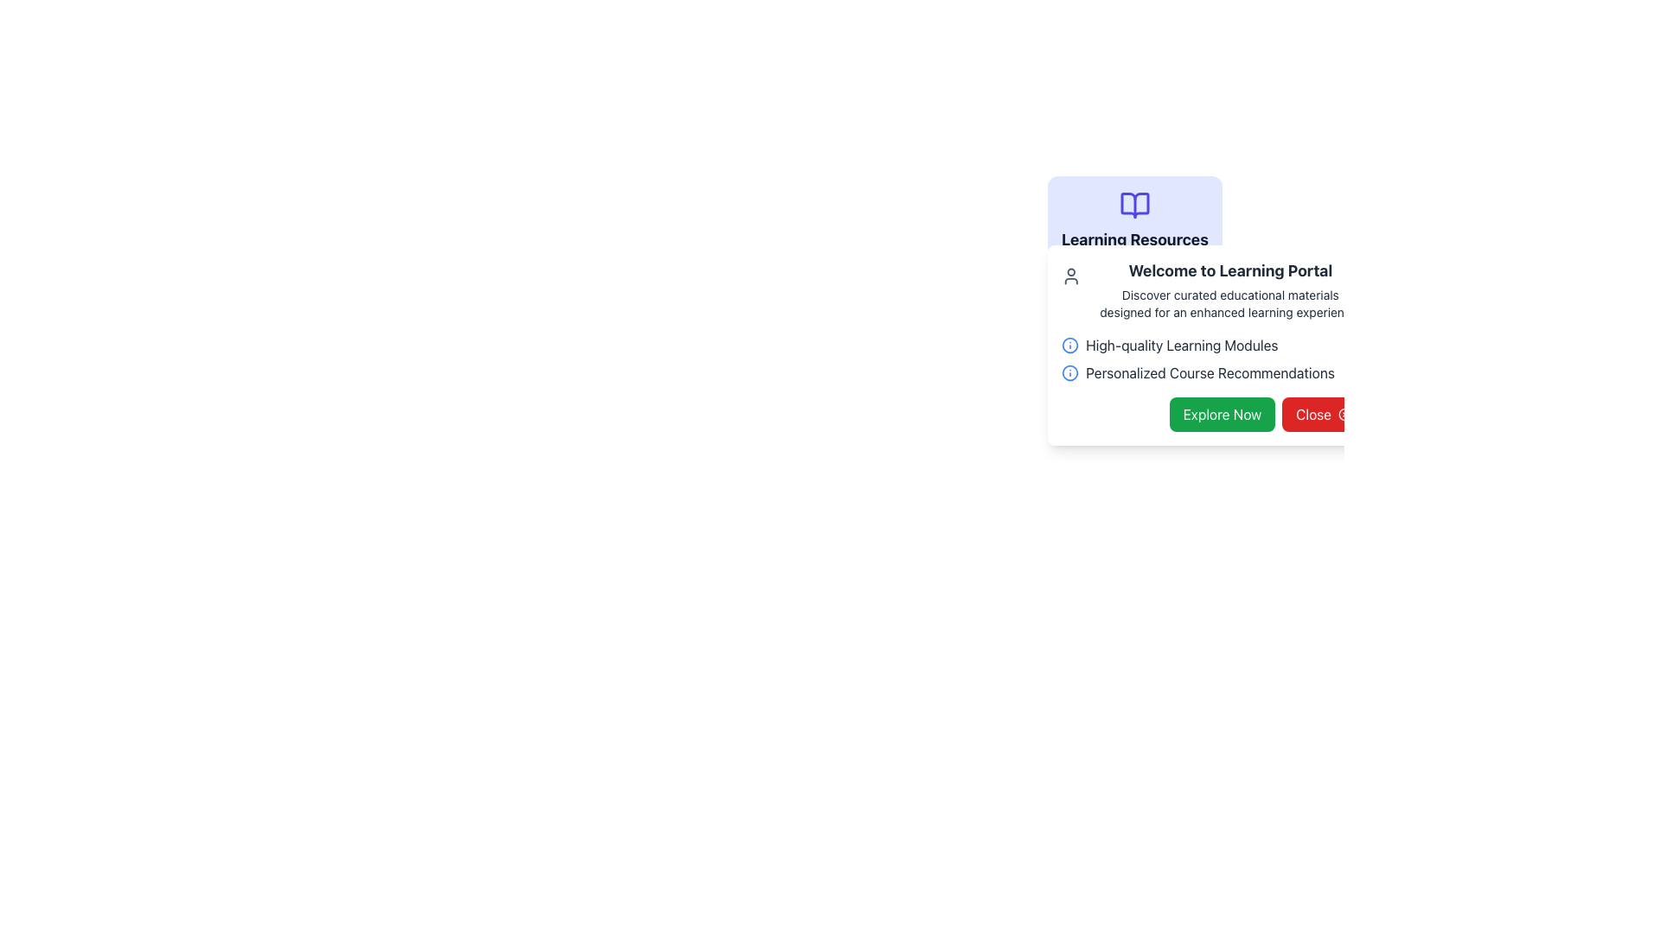  I want to click on the text-based informational list containing 'High-quality Learning Modules' and 'Personalized Course Recommendations' with blue circular icons, located in the middle of the white rounded-corner card overlay, so click(1213, 359).